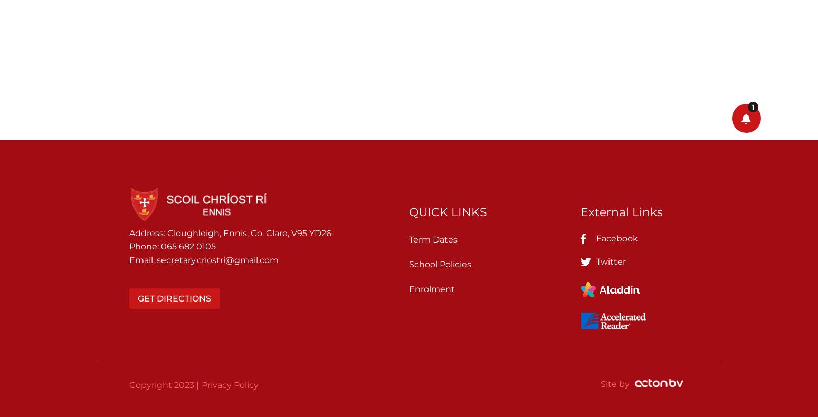 The height and width of the screenshot is (417, 818). What do you see at coordinates (145, 246) in the screenshot?
I see `'Phone:'` at bounding box center [145, 246].